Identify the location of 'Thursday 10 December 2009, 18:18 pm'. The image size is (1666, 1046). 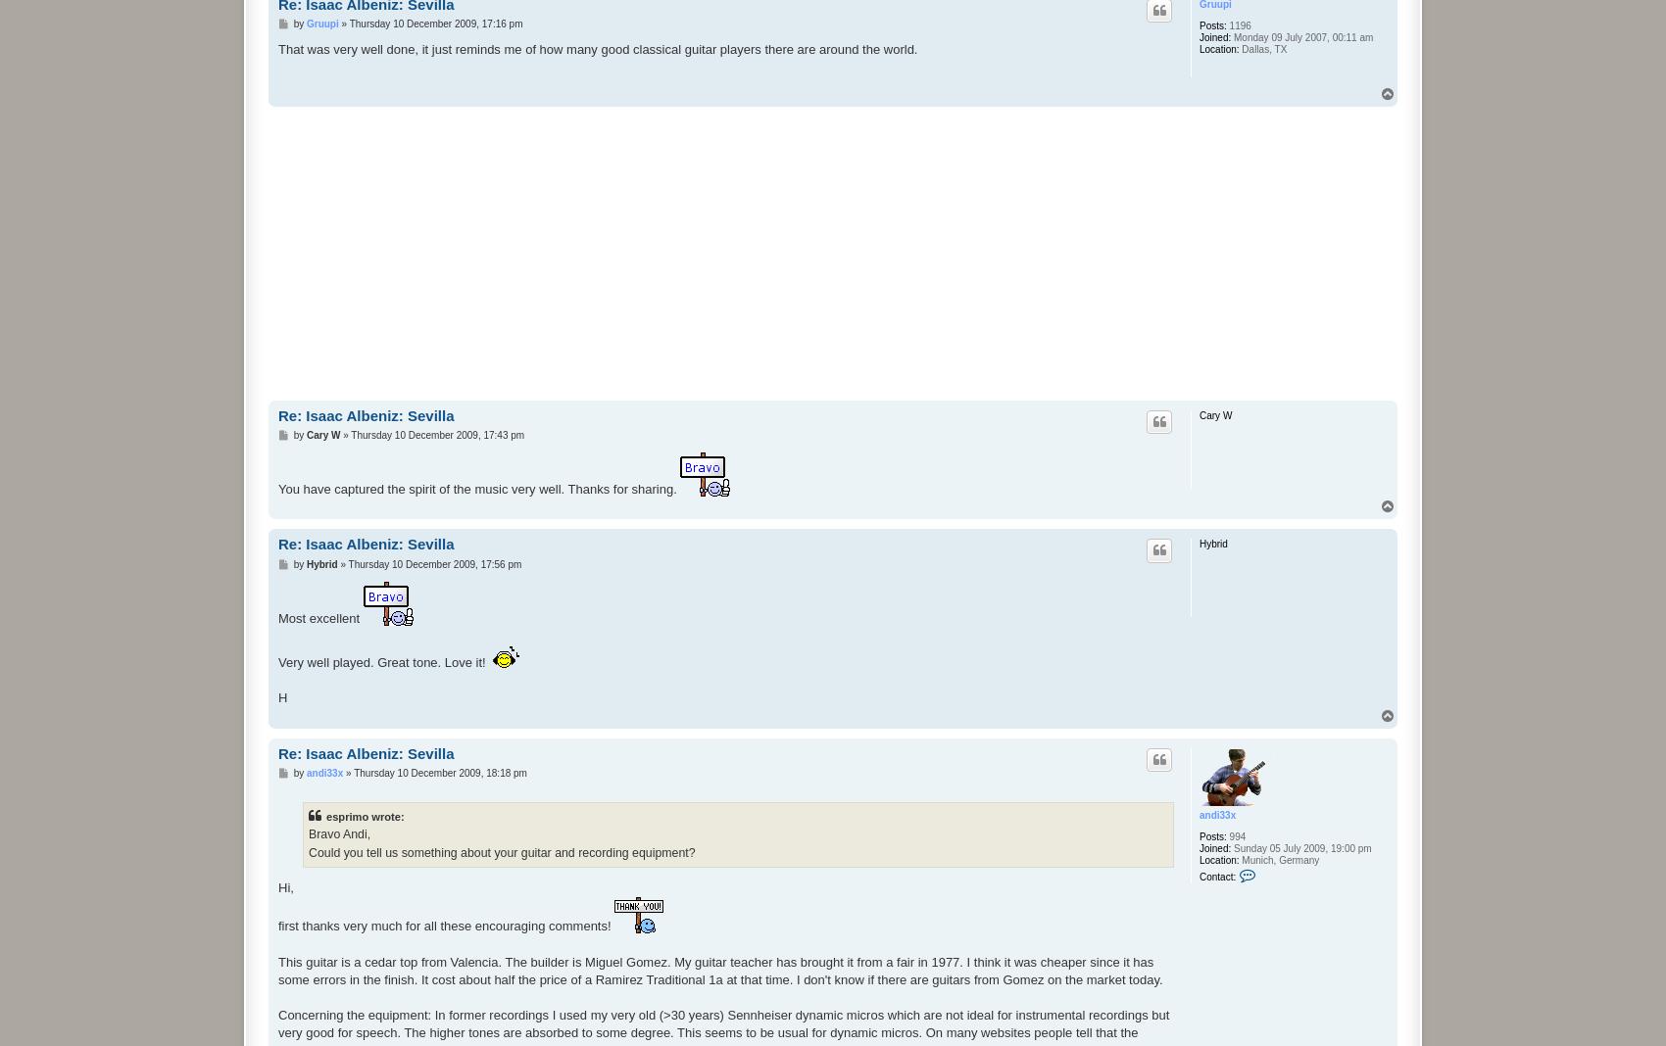
(439, 772).